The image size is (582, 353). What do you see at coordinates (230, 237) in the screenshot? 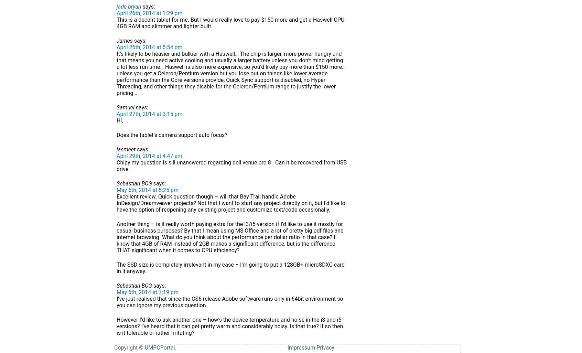
I see `'Another thing – is it really worth paying extra for the i3/i5 version if I’d like to use it mostly for casual business purposes? By that I mean using MS Office and a lot of pretty big pdf files and internet browsing. What do you think about the performance per dollar ratio in that case? I know that 4GB of RAM instead of 2GB makes a significant difference, but is the difference THAT significant when it comes to CPU efficiency?'` at bounding box center [230, 237].